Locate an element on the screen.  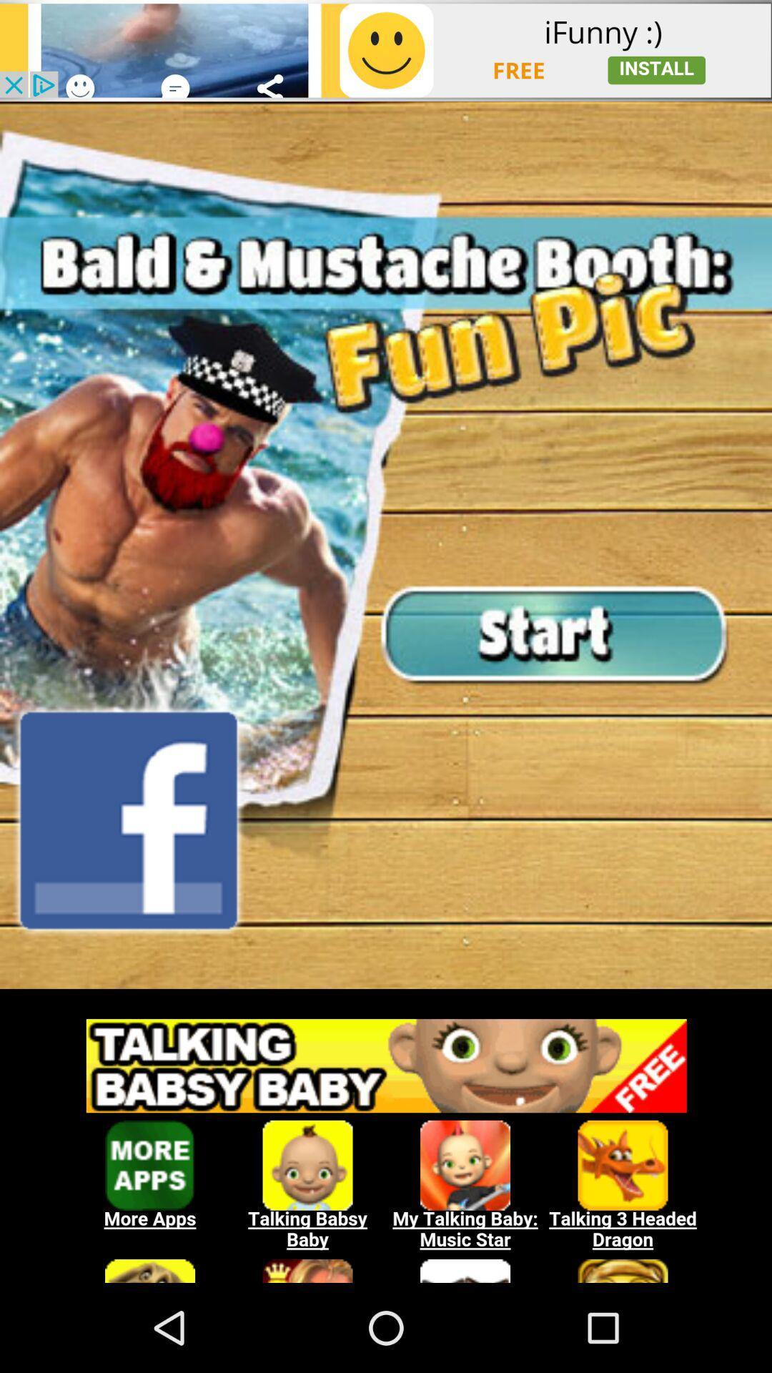
games page is located at coordinates (386, 1142).